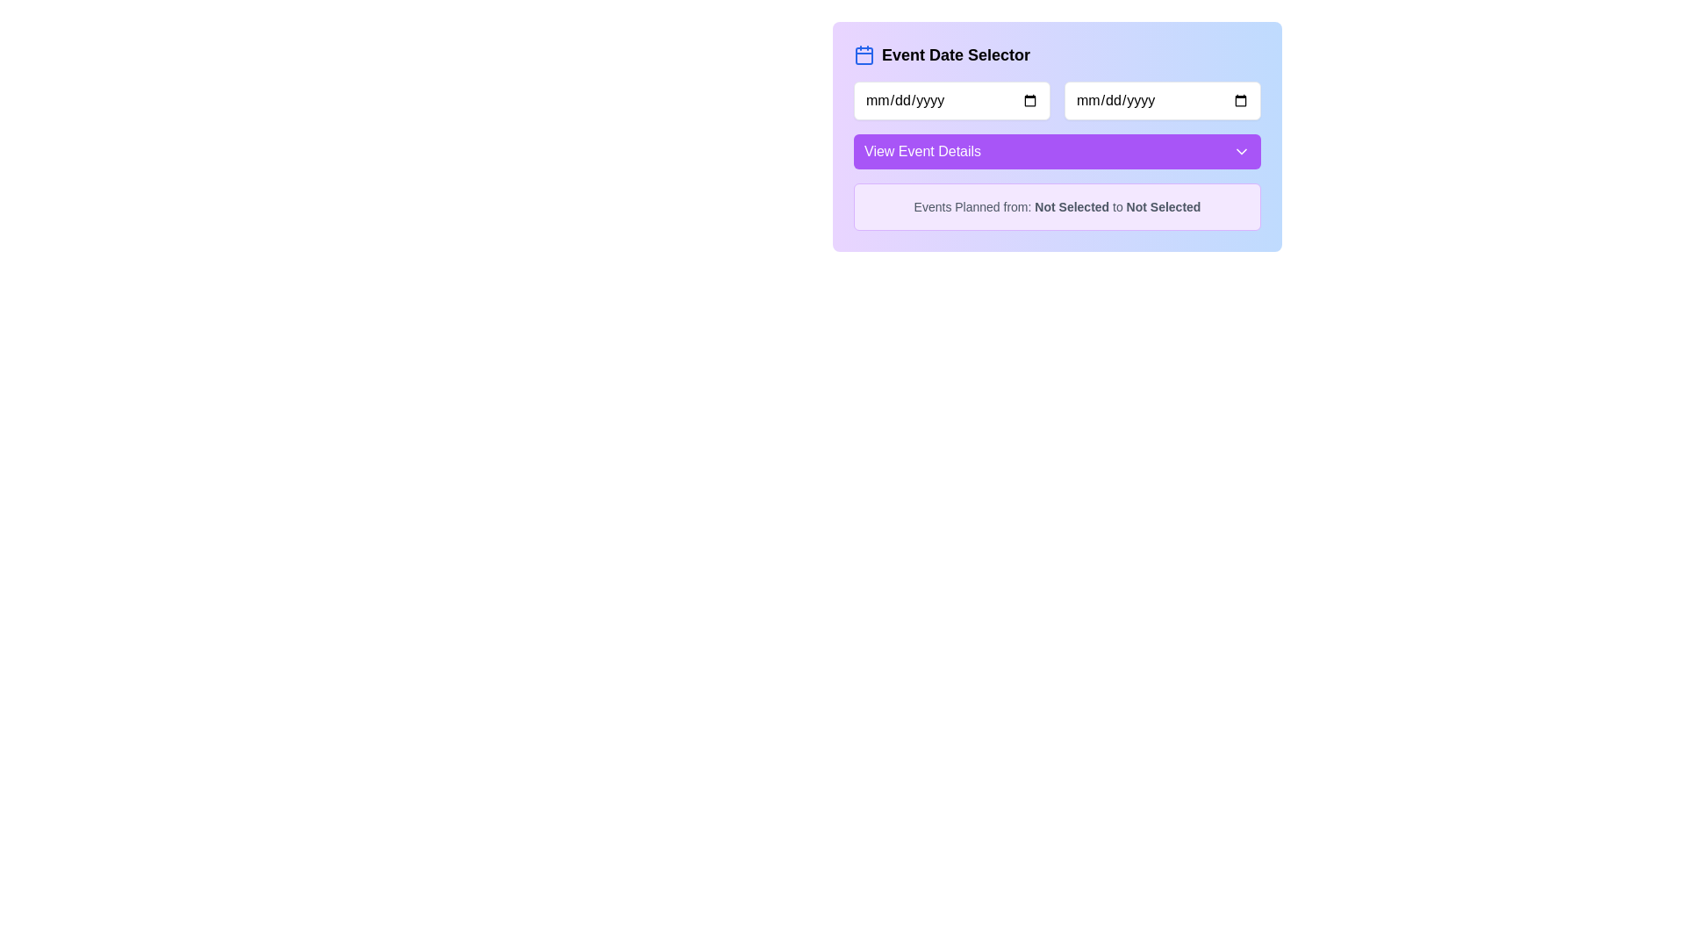 The height and width of the screenshot is (948, 1685). What do you see at coordinates (1056, 135) in the screenshot?
I see `the 'View Event Details' button located within the card component under 'Event Date Selector'` at bounding box center [1056, 135].